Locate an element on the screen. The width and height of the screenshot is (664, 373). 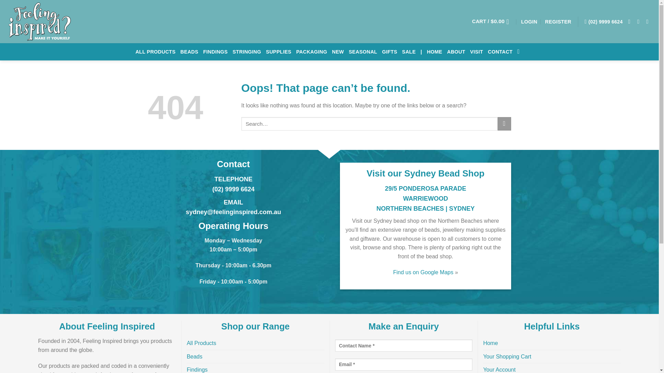
'LOGIN' is located at coordinates (529, 21).